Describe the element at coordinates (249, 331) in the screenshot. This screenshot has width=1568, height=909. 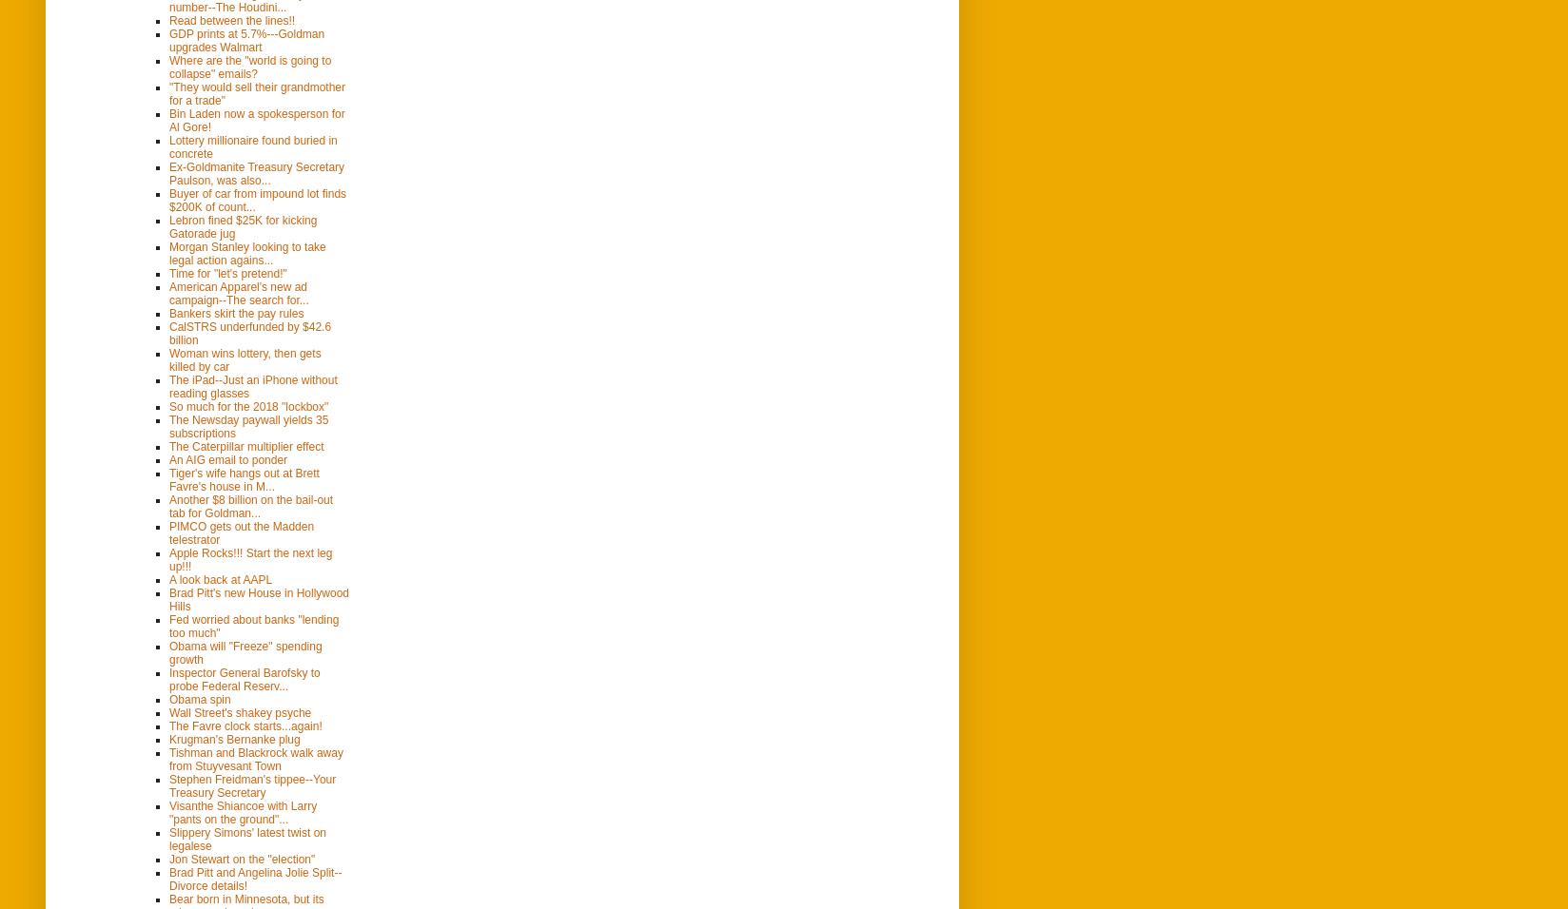
I see `'CalSTRS underfunded by $42.6 billion'` at that location.